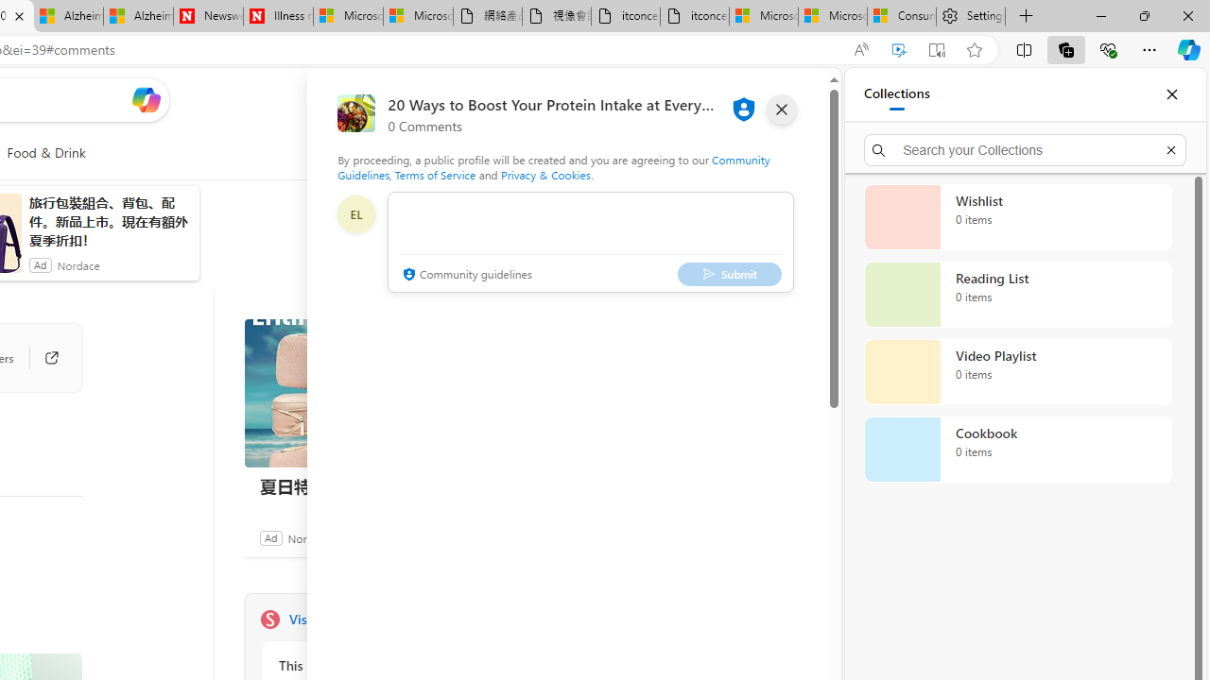  Describe the element at coordinates (1024, 149) in the screenshot. I see `'Search your Collections'` at that location.